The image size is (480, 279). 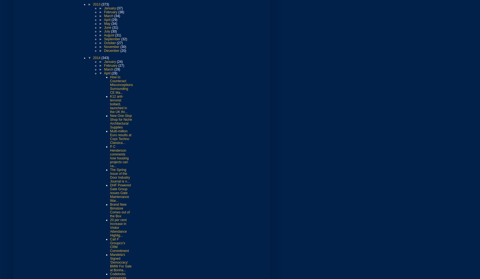 I want to click on 'June', so click(x=108, y=27).